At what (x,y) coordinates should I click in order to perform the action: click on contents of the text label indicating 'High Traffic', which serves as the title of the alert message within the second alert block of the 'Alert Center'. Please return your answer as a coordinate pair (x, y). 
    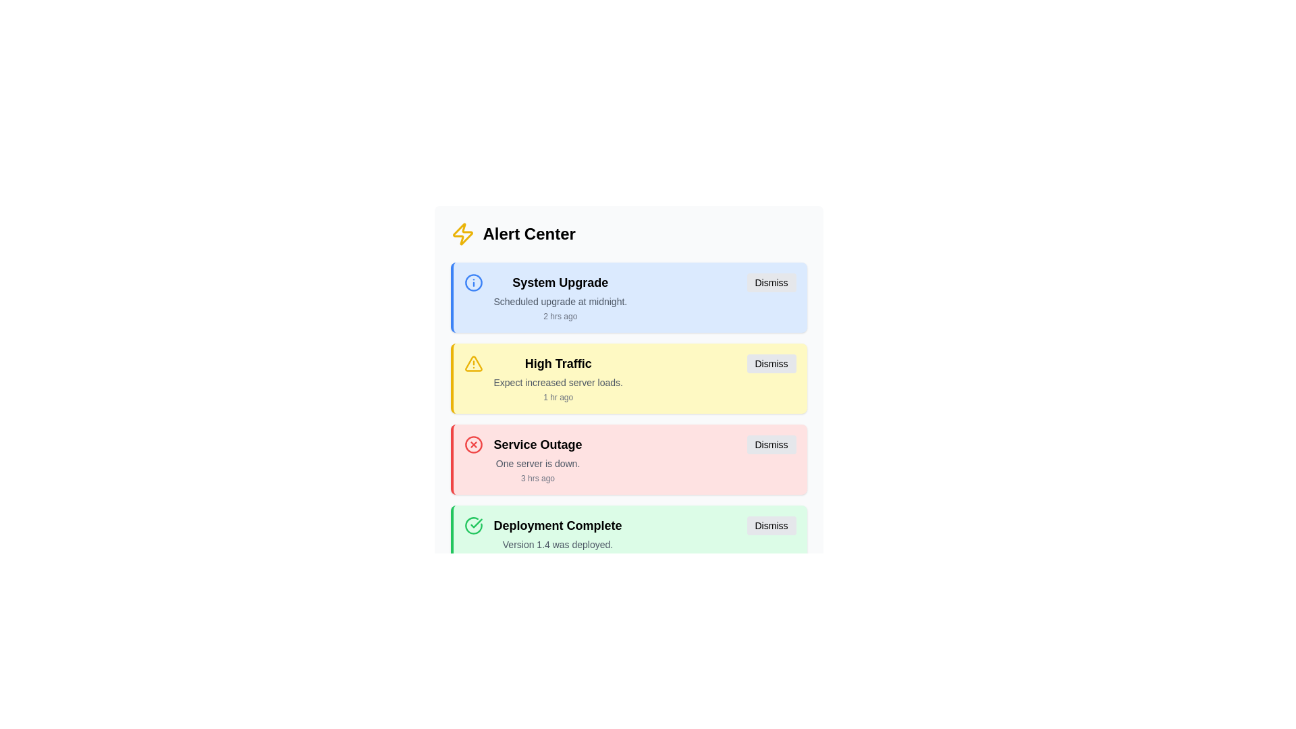
    Looking at the image, I should click on (558, 363).